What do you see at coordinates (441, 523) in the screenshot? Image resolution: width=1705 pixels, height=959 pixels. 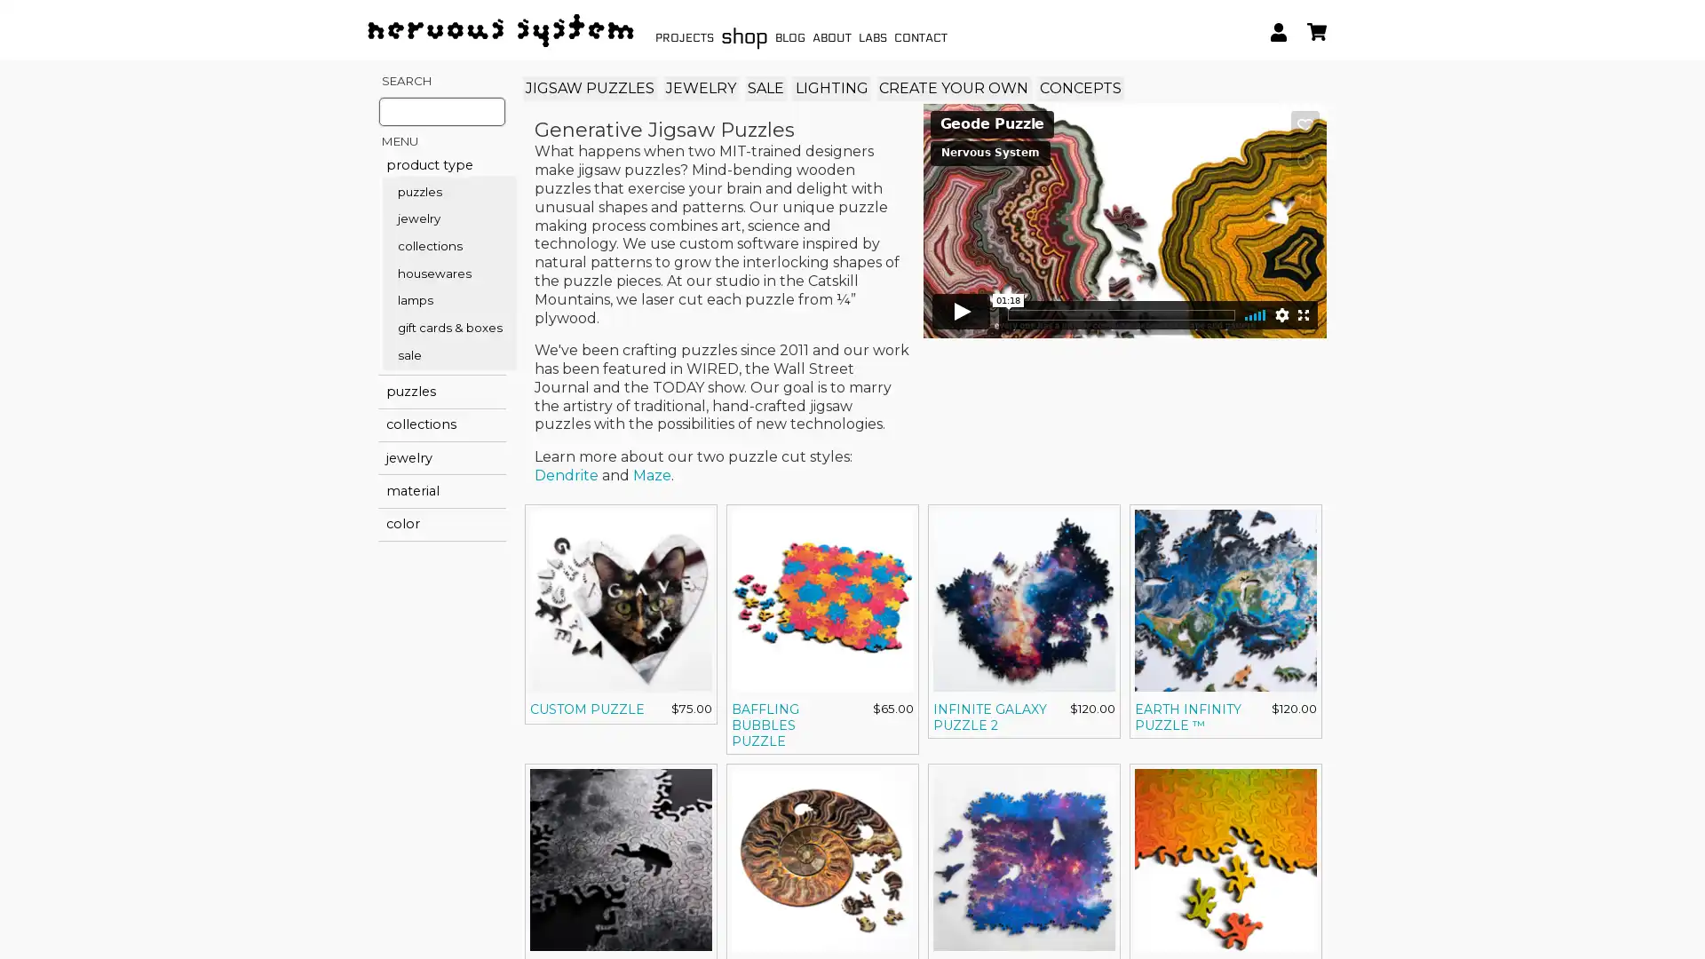 I see `color` at bounding box center [441, 523].